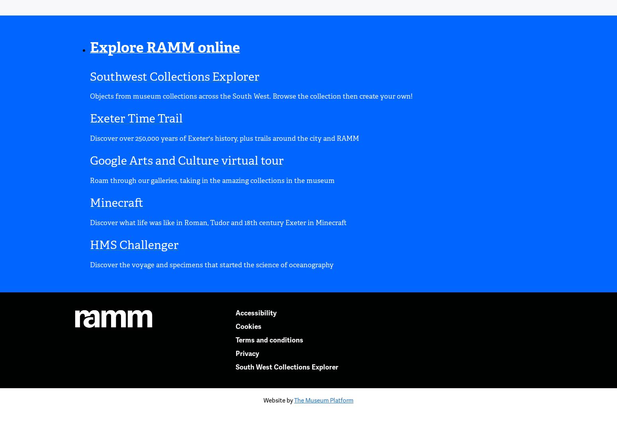 Image resolution: width=617 pixels, height=422 pixels. I want to click on 'Objects from museum collections across the South West. Browse the collection then create your own!', so click(251, 96).